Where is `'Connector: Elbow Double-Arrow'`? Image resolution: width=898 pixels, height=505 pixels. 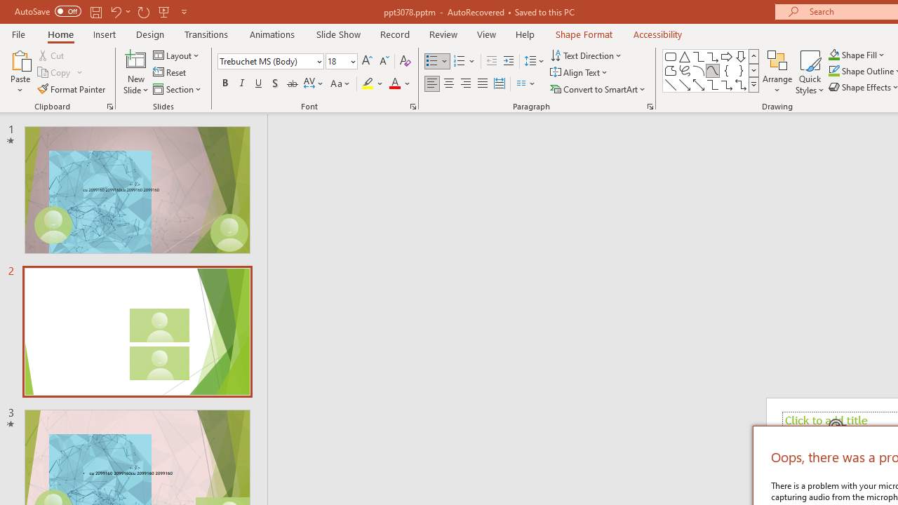 'Connector: Elbow Double-Arrow' is located at coordinates (740, 84).